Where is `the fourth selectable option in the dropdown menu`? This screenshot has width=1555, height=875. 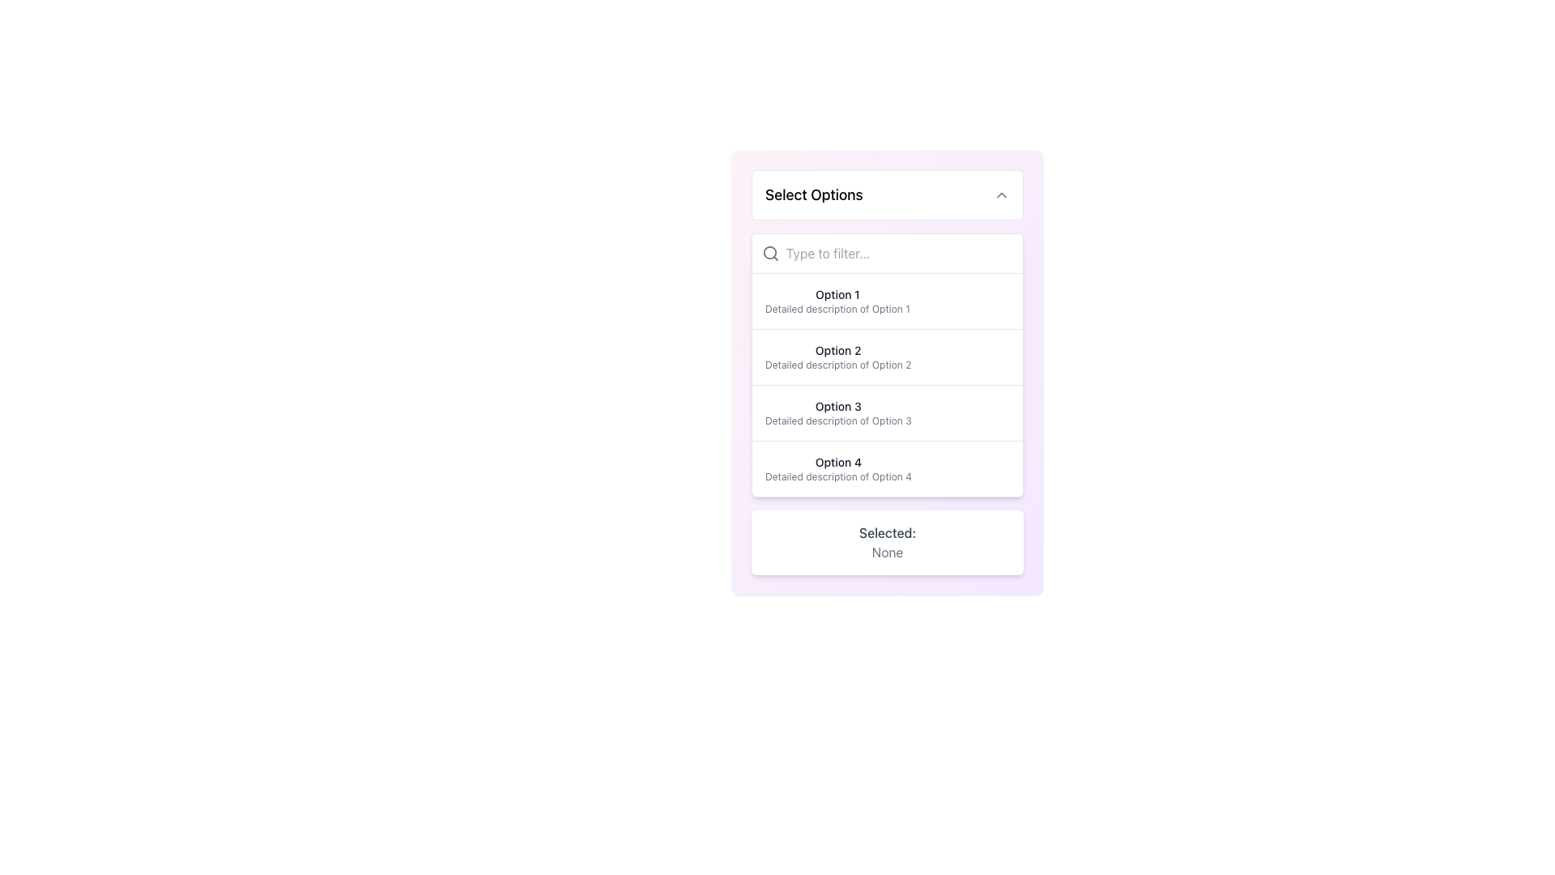 the fourth selectable option in the dropdown menu is located at coordinates (838, 468).